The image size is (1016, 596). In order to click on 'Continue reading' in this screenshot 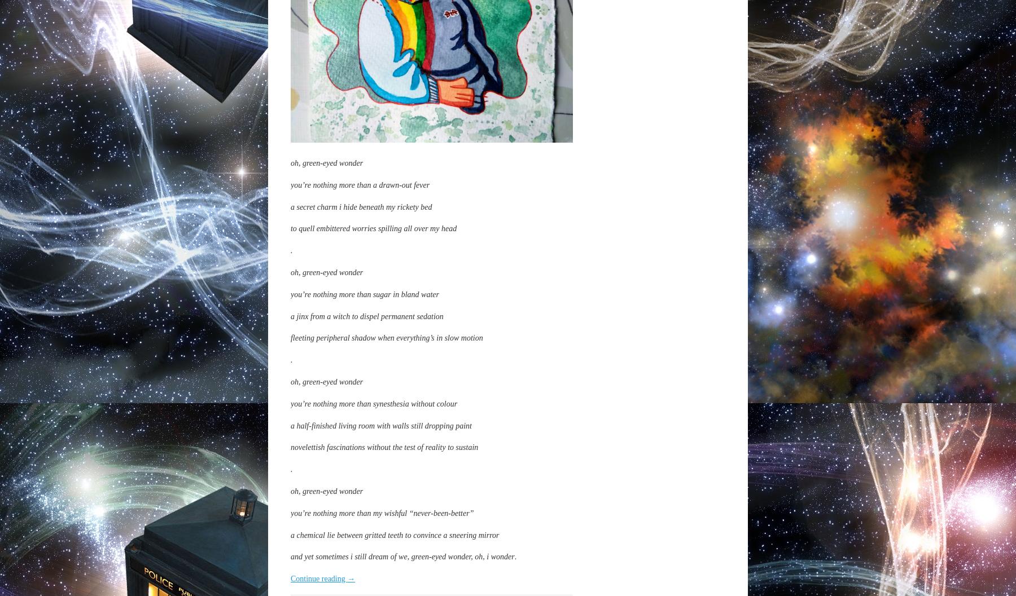, I will do `click(318, 578)`.